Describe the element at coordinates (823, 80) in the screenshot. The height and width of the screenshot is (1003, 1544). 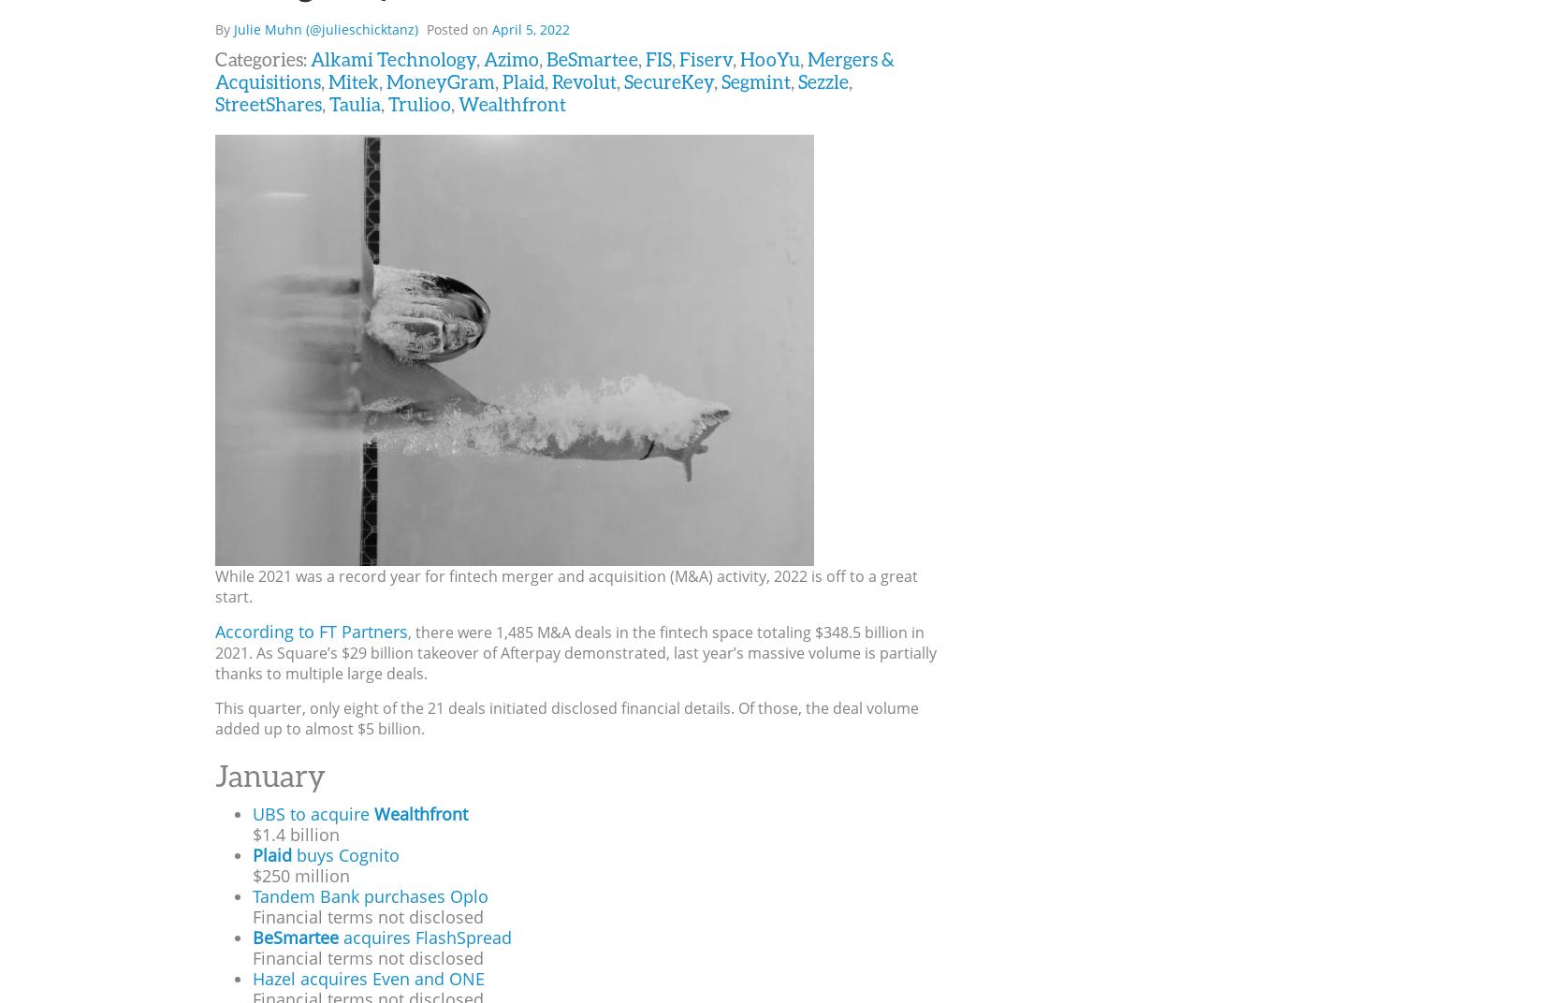
I see `'Sezzle'` at that location.